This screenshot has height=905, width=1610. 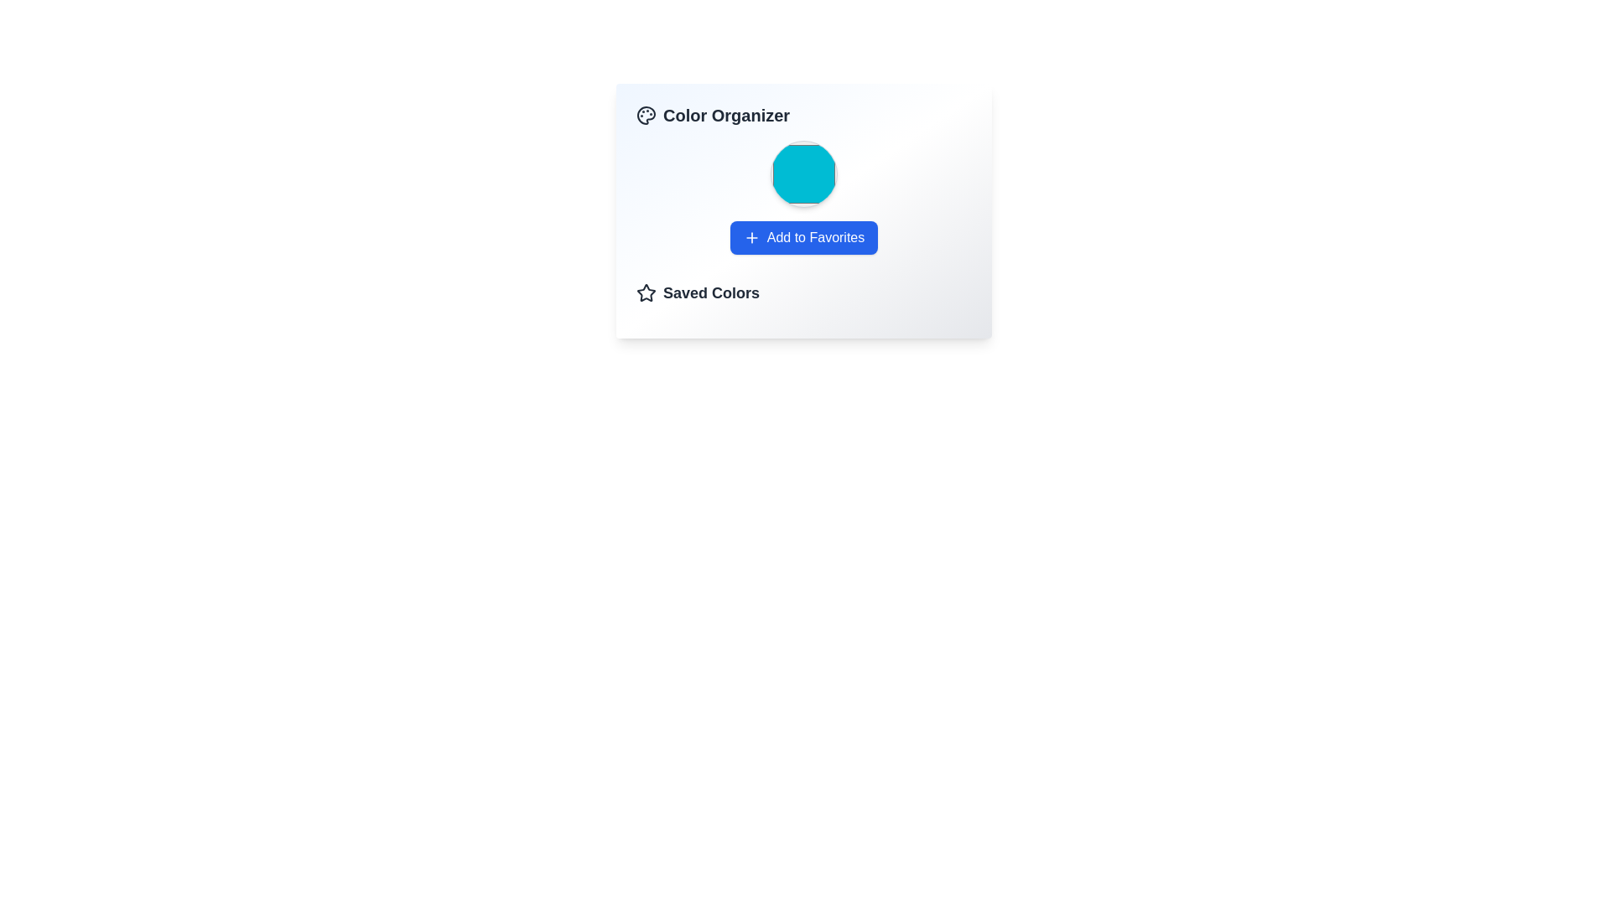 I want to click on the decorative icon representing the 'Color Organizer' section, which is located immediately to the left of the text 'Color Organizer', so click(x=646, y=115).